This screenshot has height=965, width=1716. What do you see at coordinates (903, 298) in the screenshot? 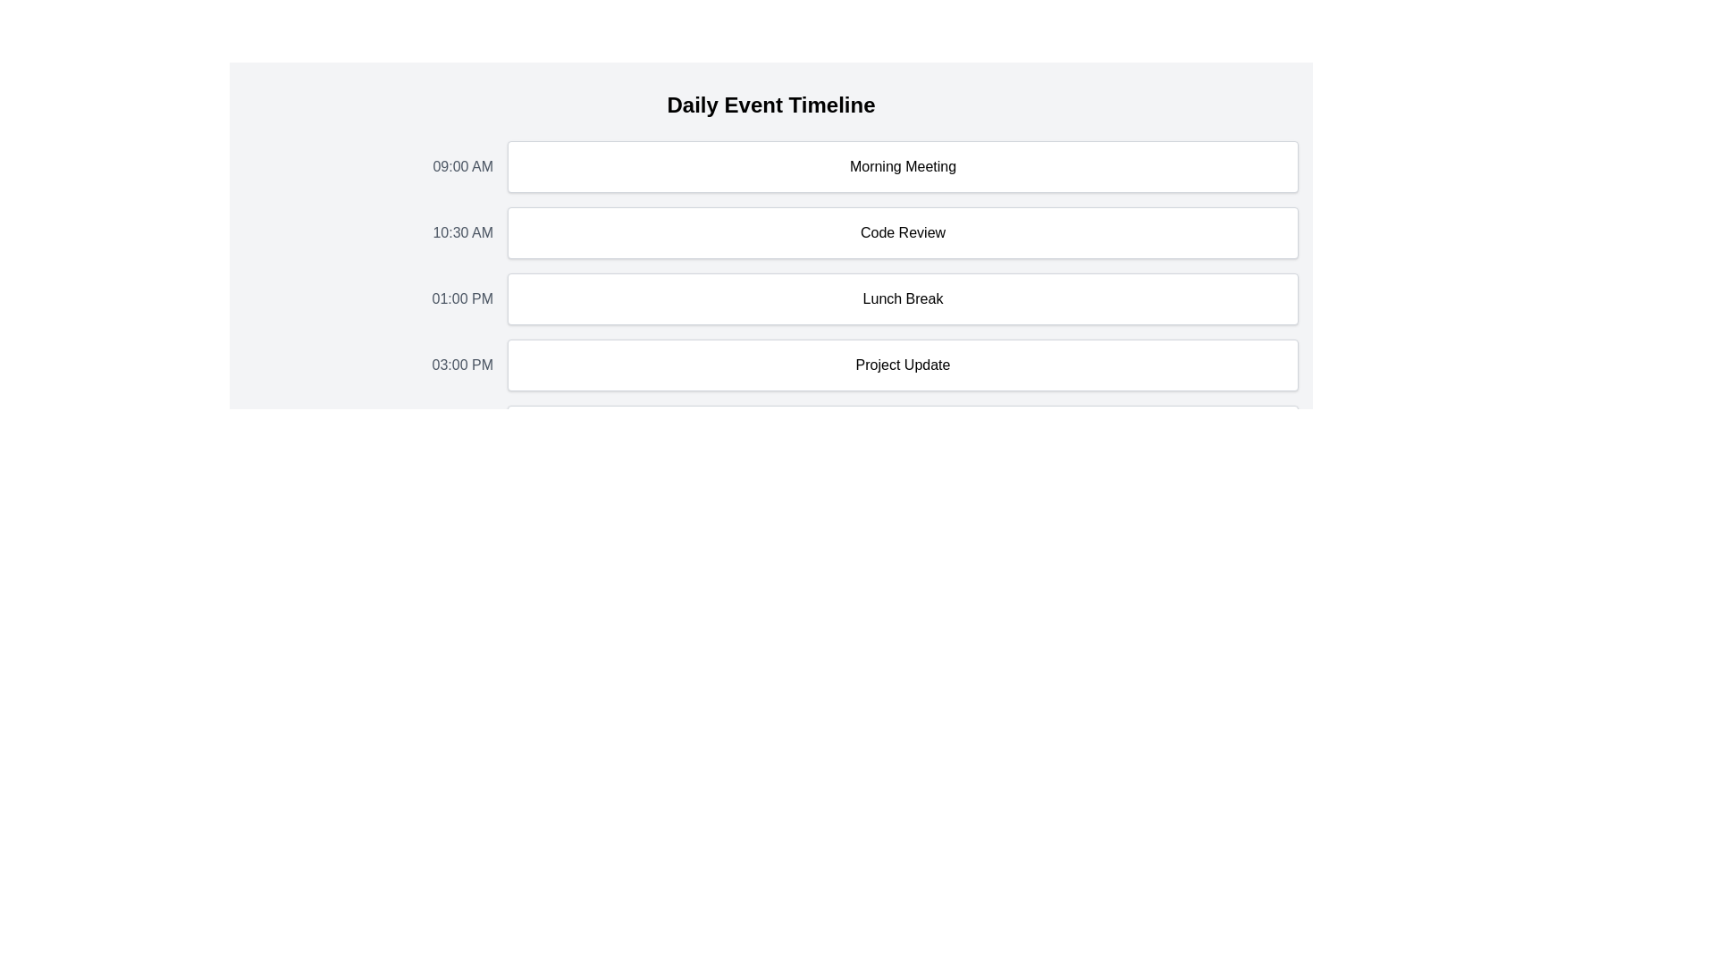
I see `the text content box labeled 'Lunch Break' that is centrally positioned within the vertical timeline interface, aligned to the right of the timestamp '01:00 PM'` at bounding box center [903, 298].